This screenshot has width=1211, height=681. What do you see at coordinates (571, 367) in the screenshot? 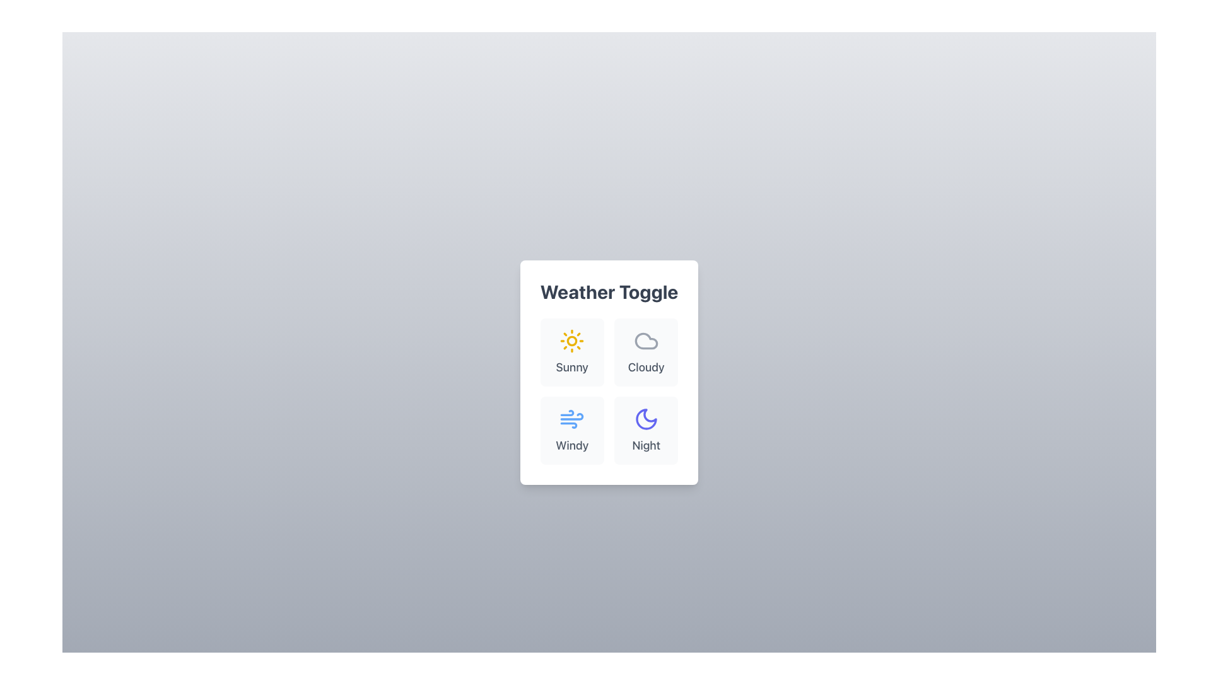
I see `the text label displaying 'Sunny' in a gray font, located below the yellow sun icon and to the left of the 'Cloudy' label` at bounding box center [571, 367].